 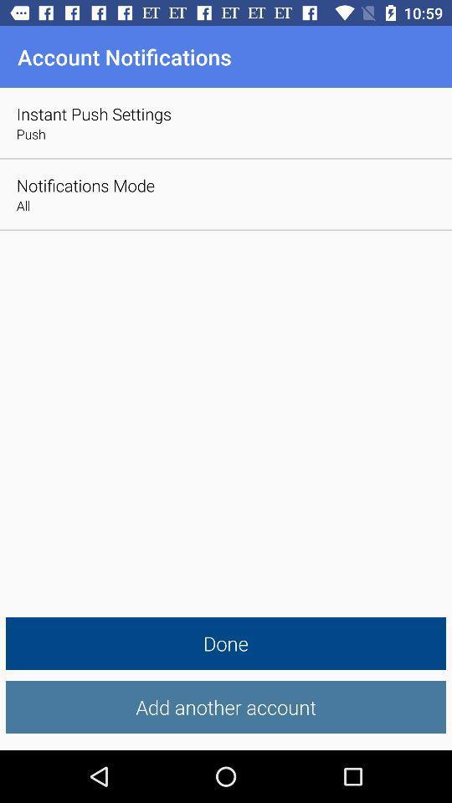 I want to click on the icon below done, so click(x=226, y=706).